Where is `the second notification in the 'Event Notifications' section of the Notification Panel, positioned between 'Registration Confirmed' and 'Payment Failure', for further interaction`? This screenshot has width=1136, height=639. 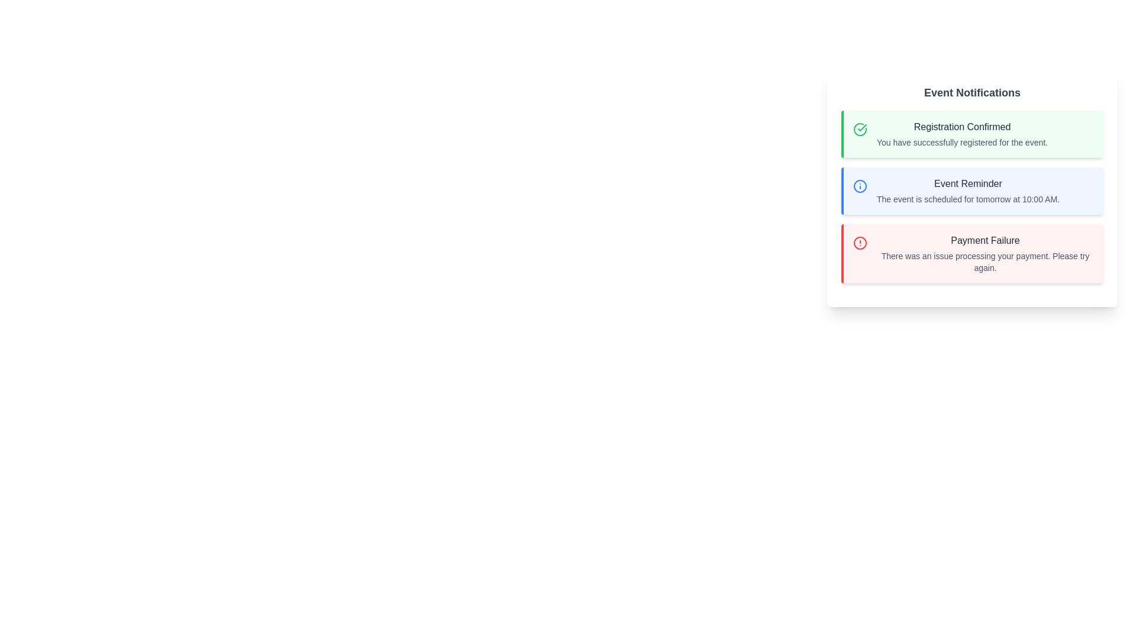 the second notification in the 'Event Notifications' section of the Notification Panel, positioned between 'Registration Confirmed' and 'Payment Failure', for further interaction is located at coordinates (972, 191).